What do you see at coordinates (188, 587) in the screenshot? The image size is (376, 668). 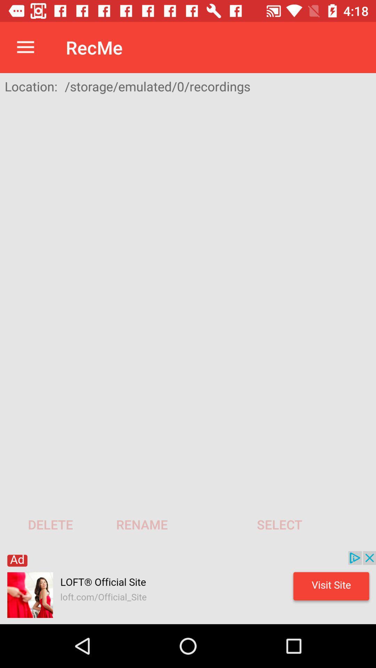 I see `advertisement` at bounding box center [188, 587].